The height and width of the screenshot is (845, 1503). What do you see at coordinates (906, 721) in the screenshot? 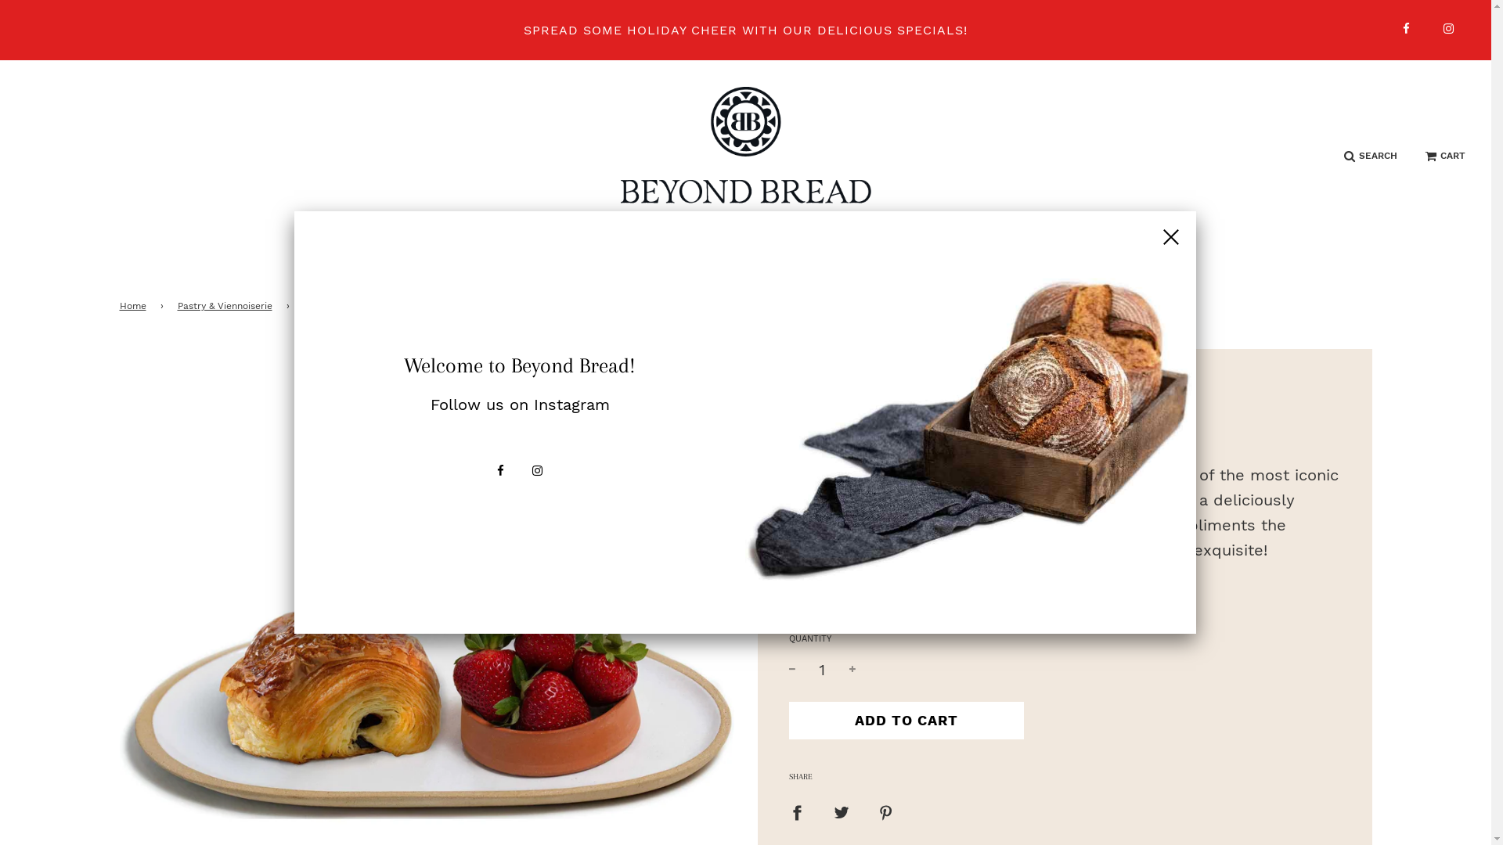
I see `'LOADING...` at bounding box center [906, 721].